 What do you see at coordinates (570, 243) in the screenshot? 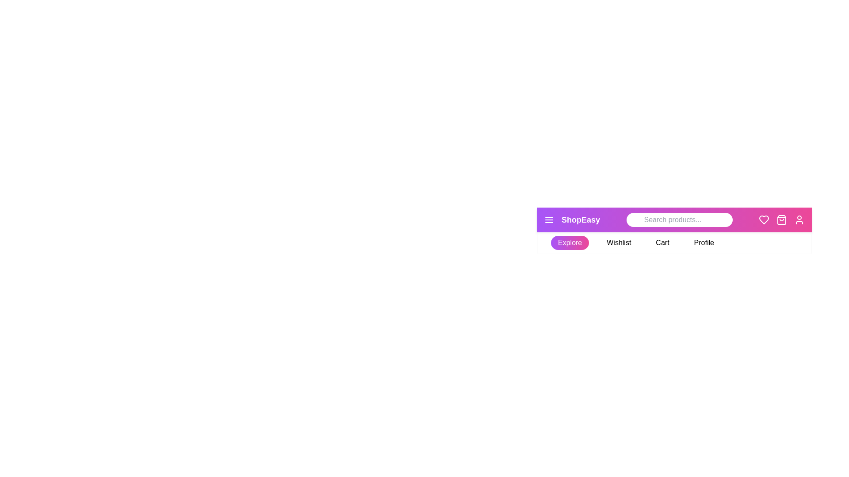
I see `the Explore tab to activate it` at bounding box center [570, 243].